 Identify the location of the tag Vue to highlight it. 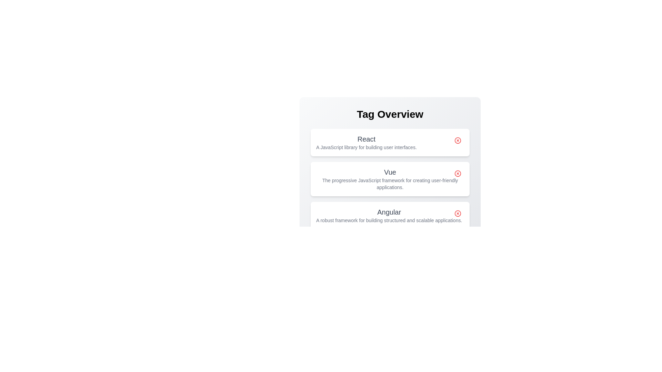
(390, 179).